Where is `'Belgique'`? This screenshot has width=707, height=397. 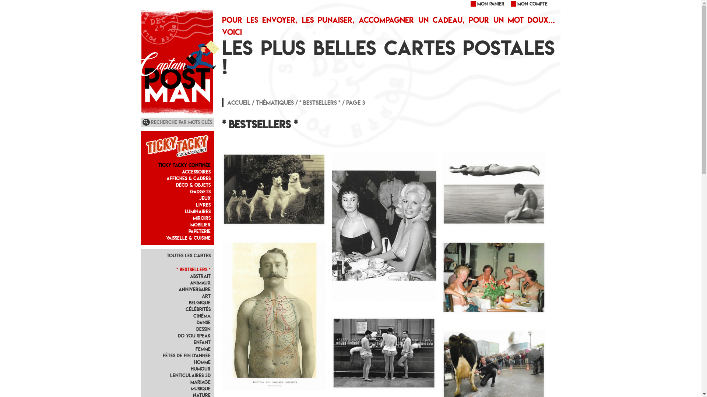
'Belgique' is located at coordinates (189, 303).